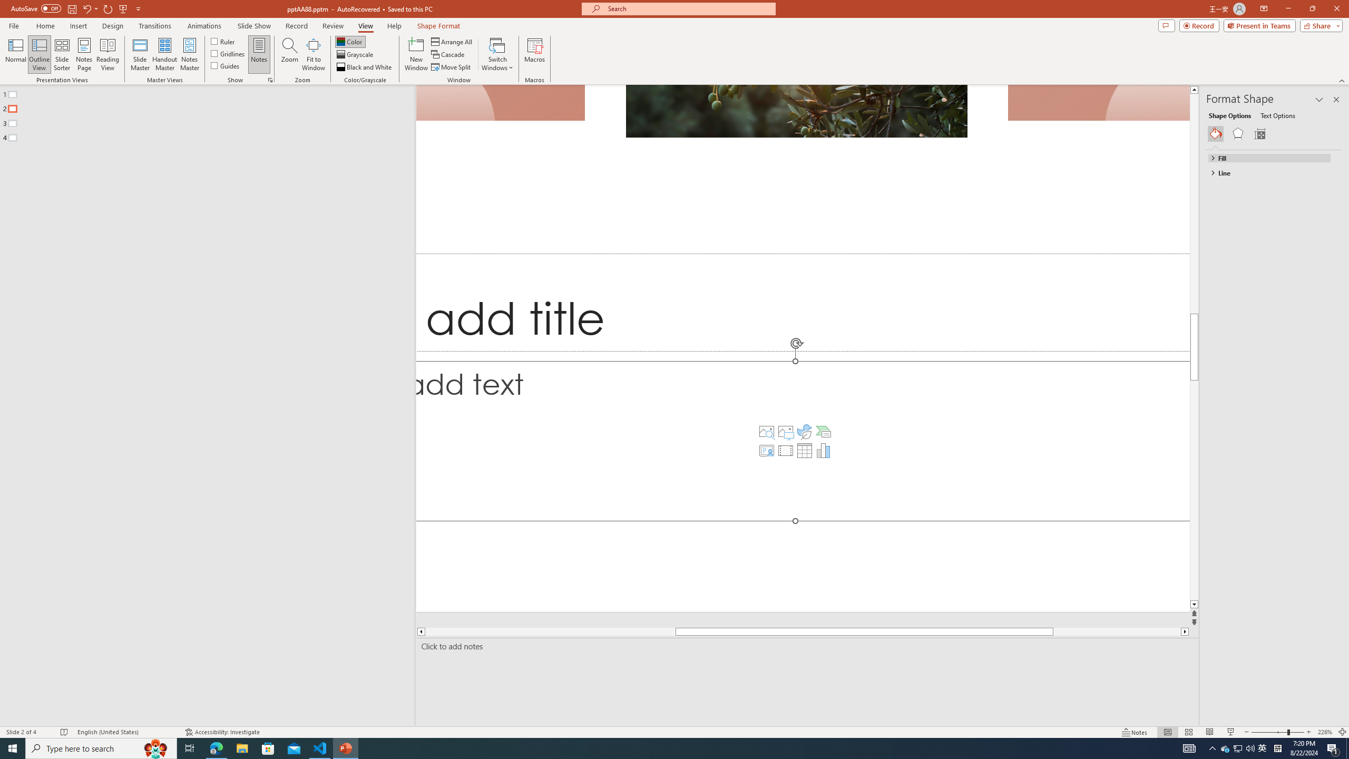 This screenshot has width=1349, height=759. Describe the element at coordinates (1259, 133) in the screenshot. I see `'Size & Properties'` at that location.